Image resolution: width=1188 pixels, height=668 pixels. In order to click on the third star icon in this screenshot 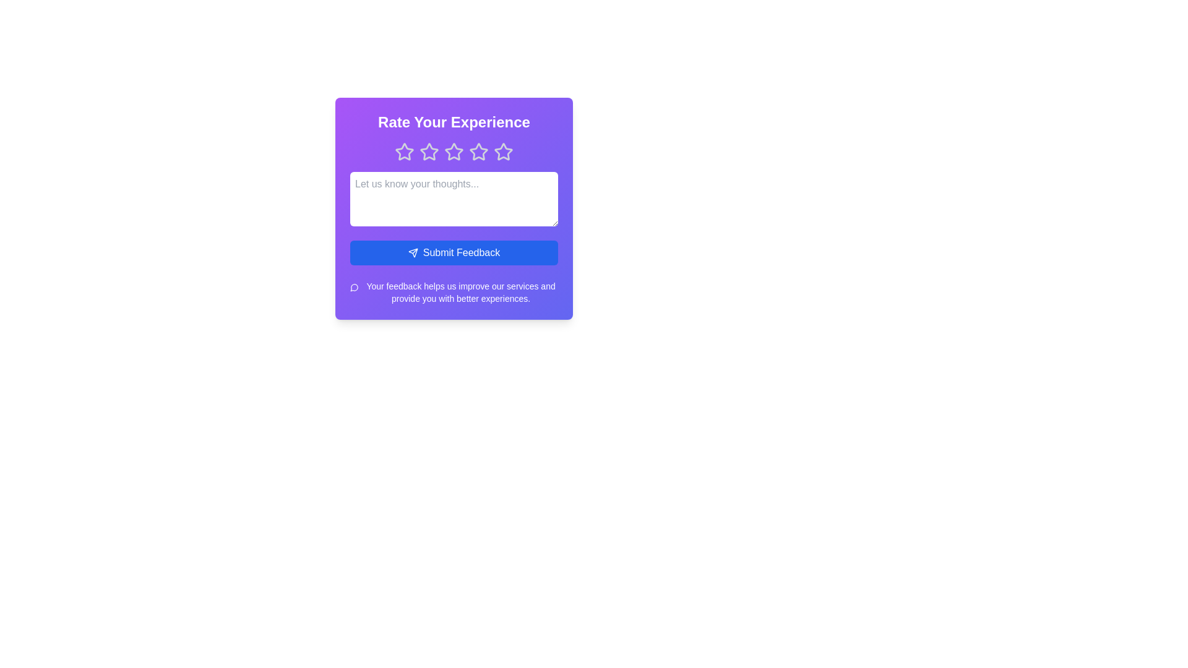, I will do `click(454, 151)`.